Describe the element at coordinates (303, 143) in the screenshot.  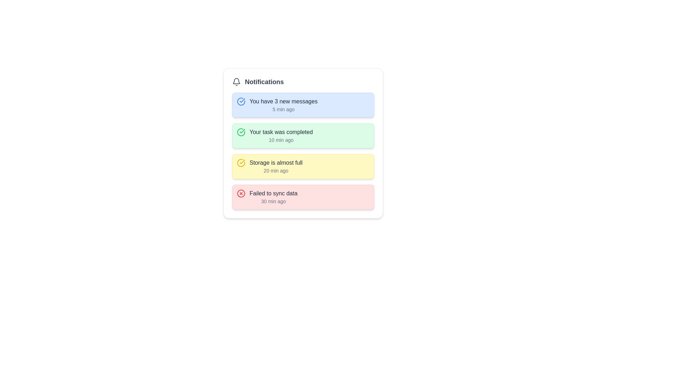
I see `the second notification box within the notification panel titled 'Notifications'` at that location.